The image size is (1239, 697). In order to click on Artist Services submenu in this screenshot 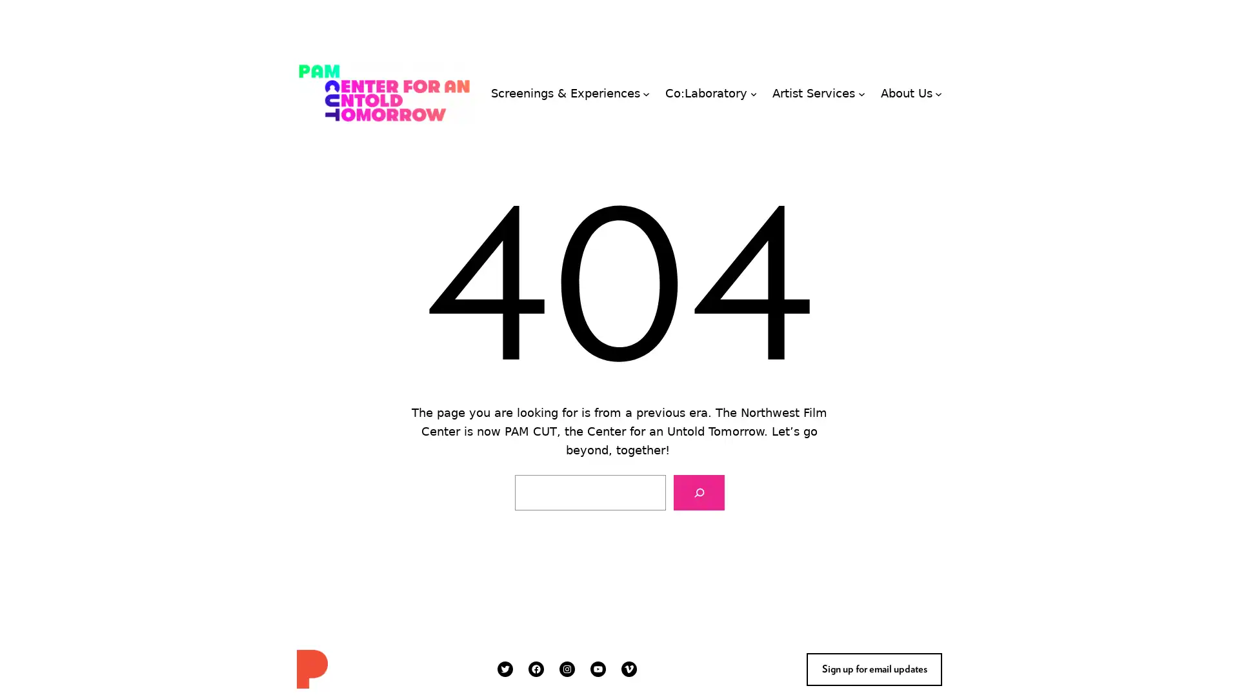, I will do `click(861, 92)`.